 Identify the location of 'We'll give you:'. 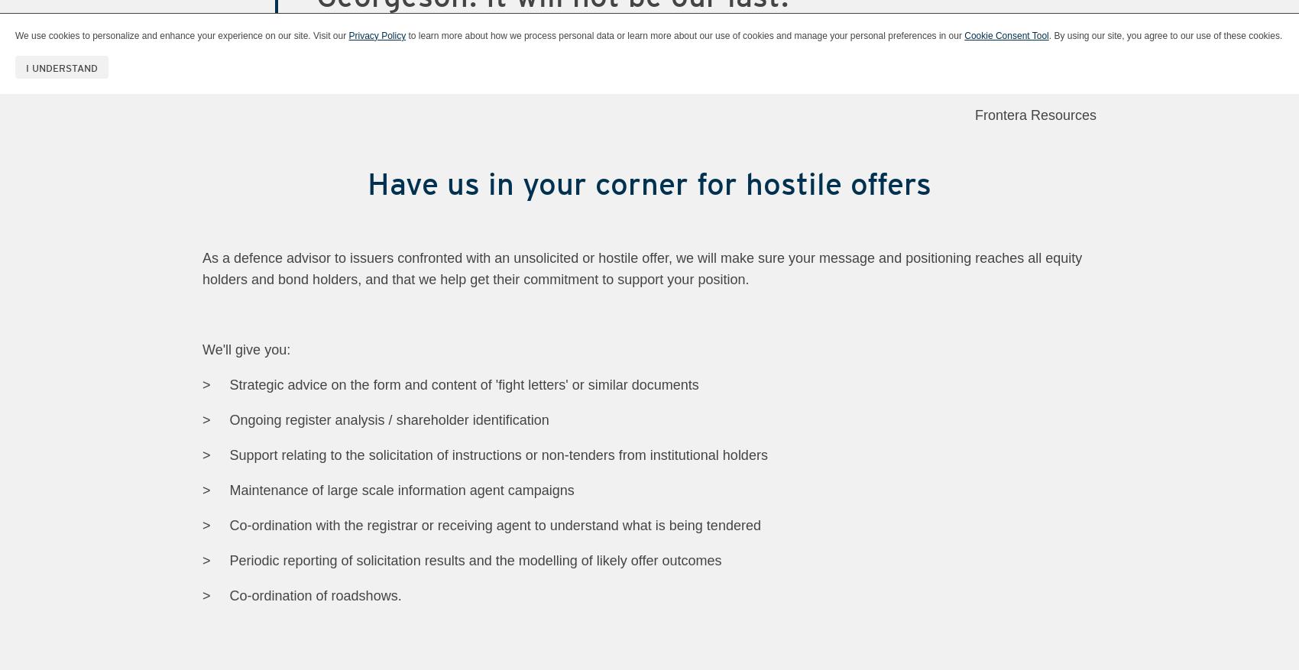
(245, 349).